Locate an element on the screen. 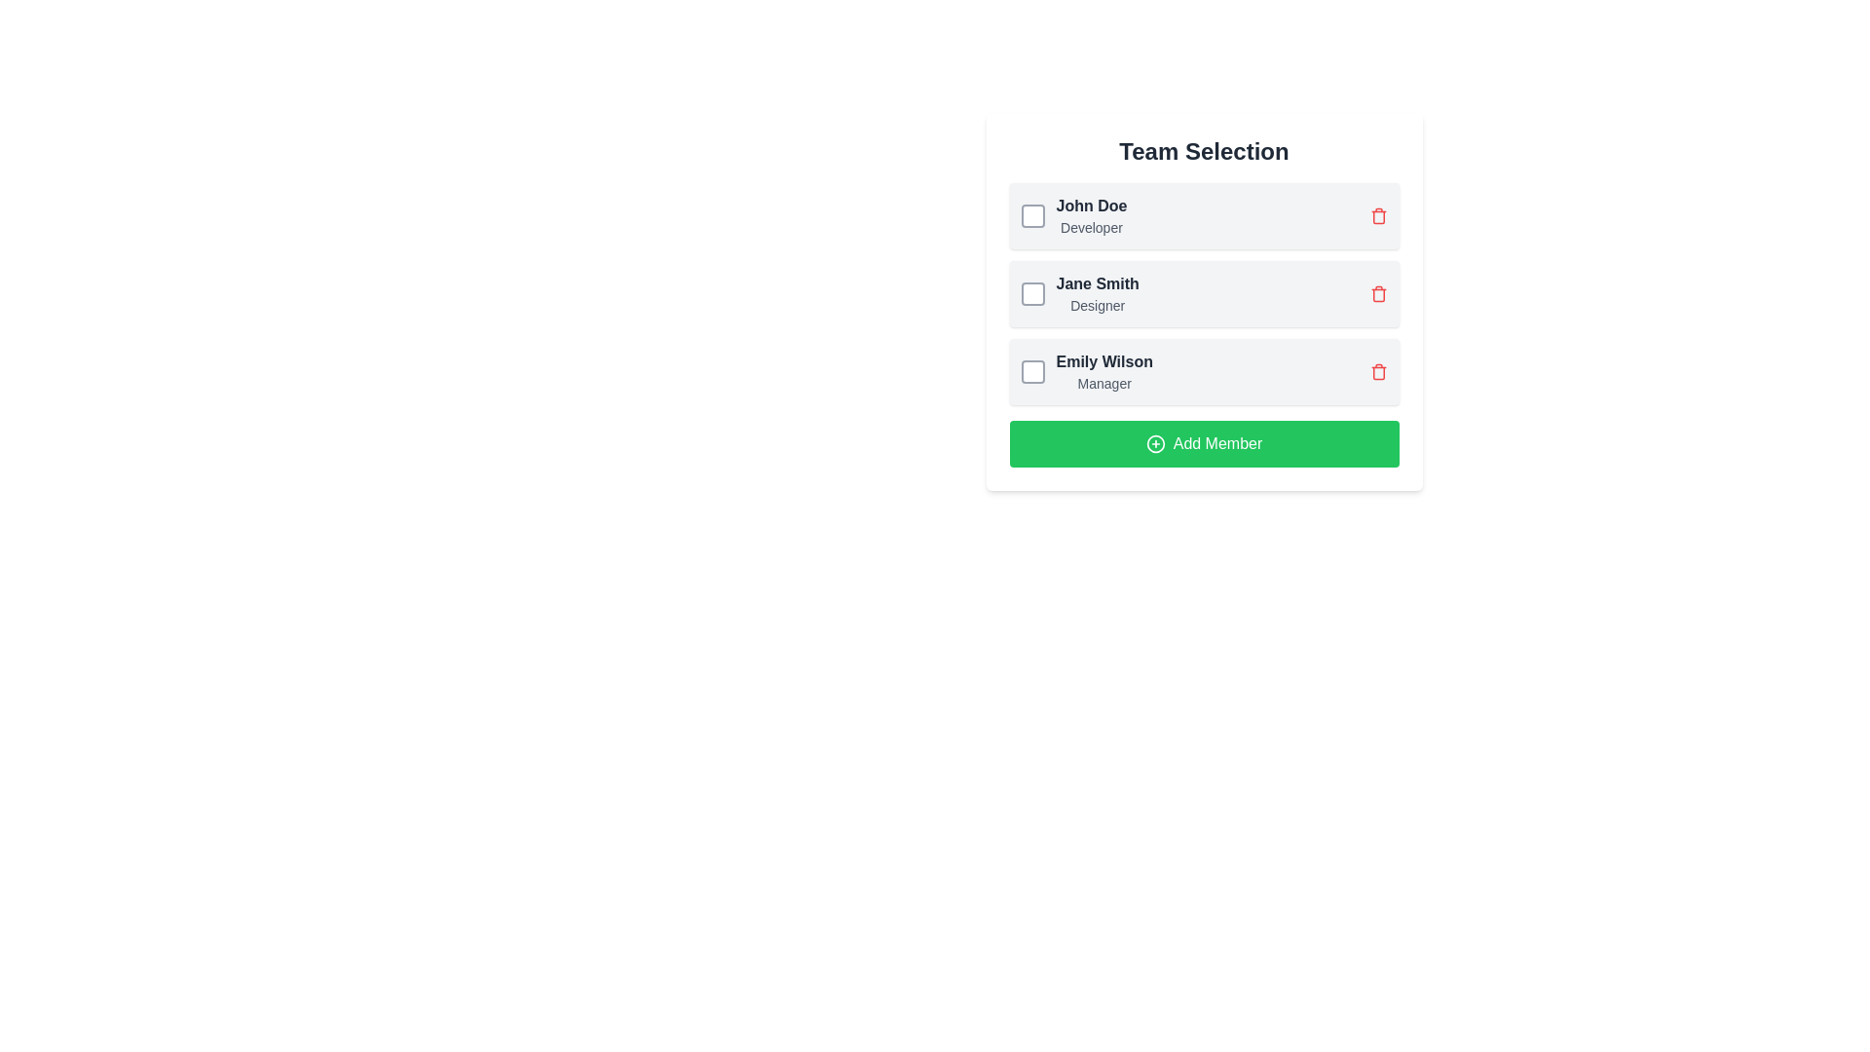 This screenshot has height=1052, width=1870. the checkbox located to the left of the text display component featuring 'John Doe' as the headline and 'Developer' as the subtitle is located at coordinates (1070, 216).